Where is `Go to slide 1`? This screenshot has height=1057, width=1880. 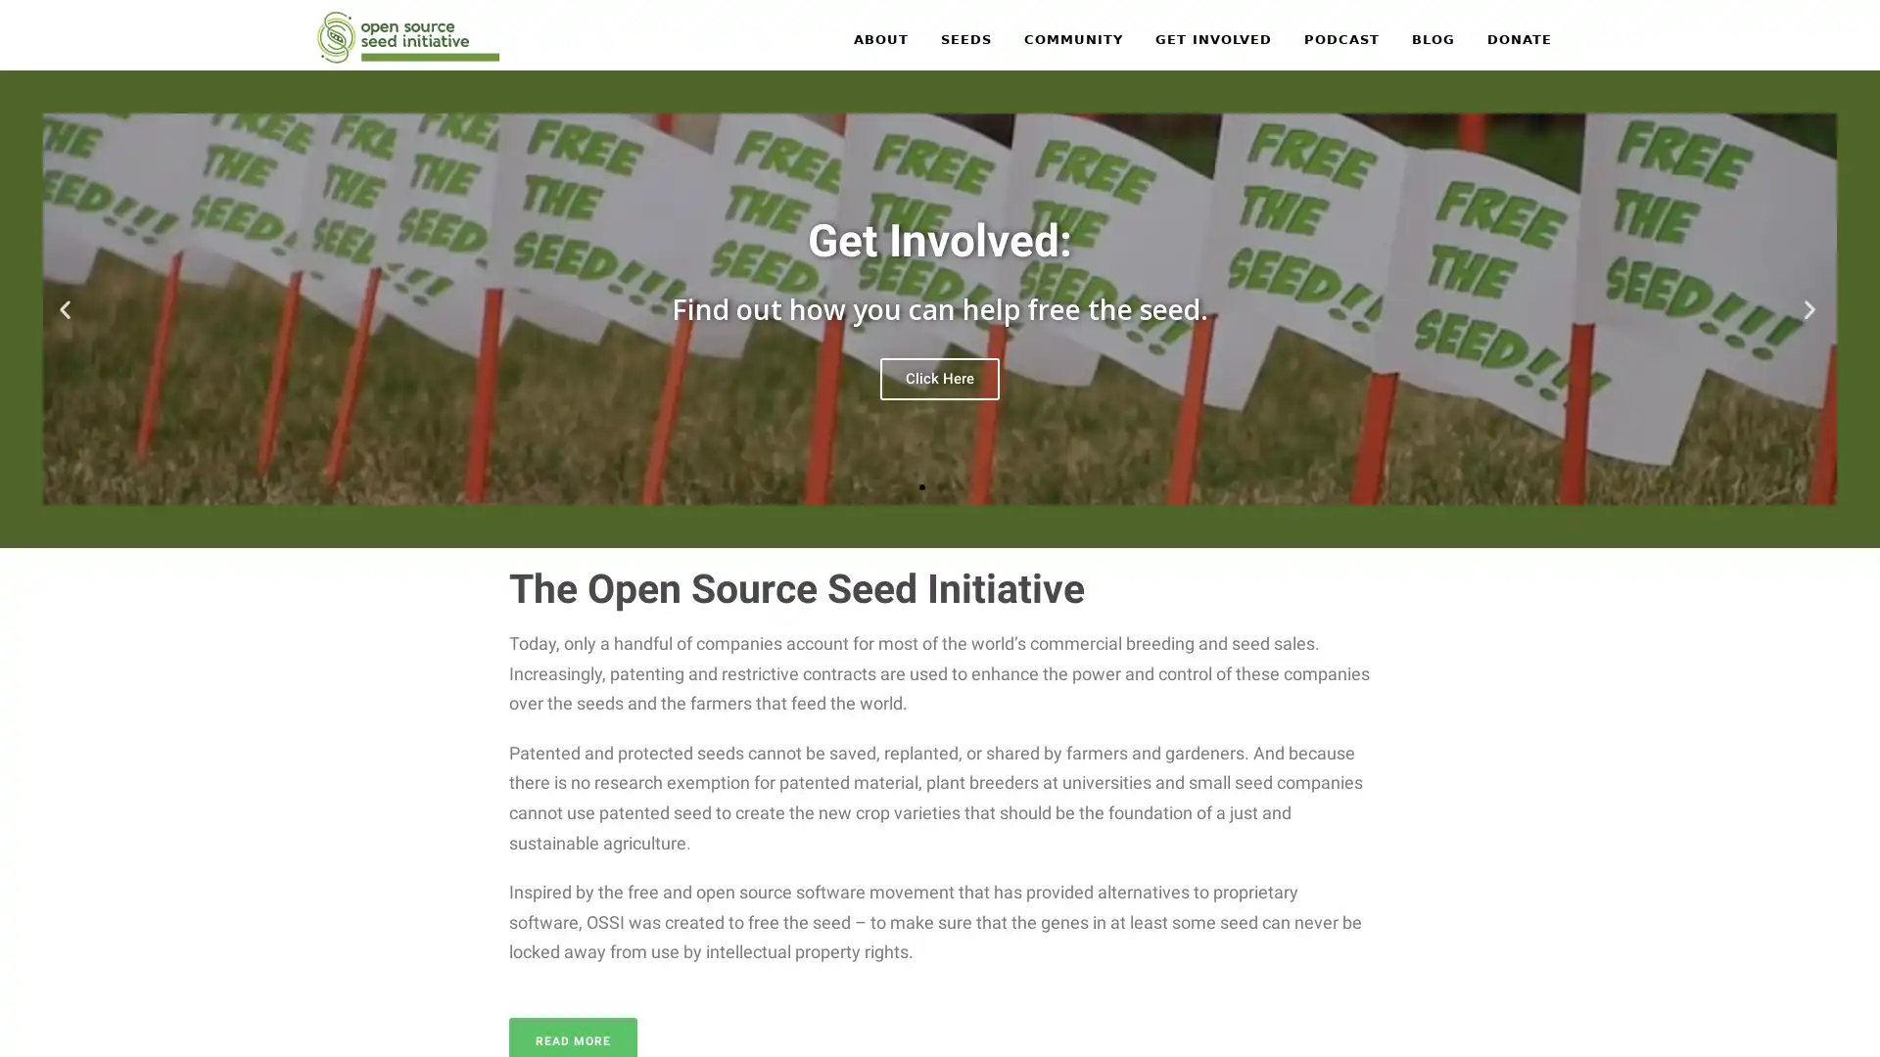
Go to slide 1 is located at coordinates (920, 485).